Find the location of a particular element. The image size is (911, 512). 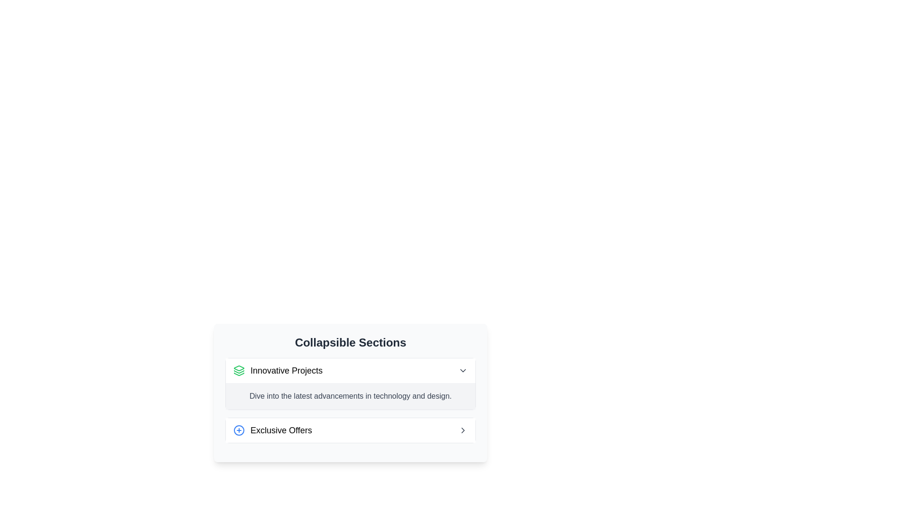

the static text block displaying 'Dive into the latest advancements in technology and design,' located within the 'Innovative Projects' collapsible section is located at coordinates (350, 396).